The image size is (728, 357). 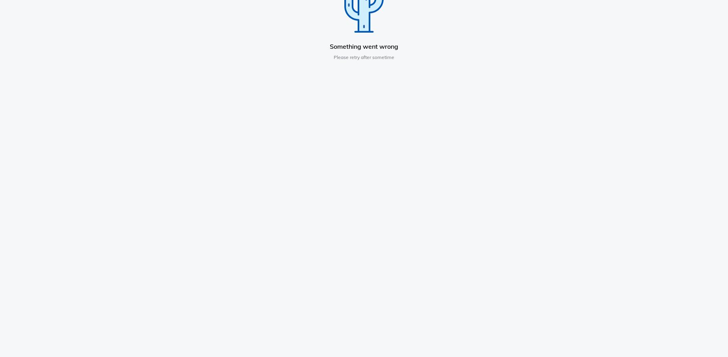 I want to click on 'About Us', so click(x=151, y=146).